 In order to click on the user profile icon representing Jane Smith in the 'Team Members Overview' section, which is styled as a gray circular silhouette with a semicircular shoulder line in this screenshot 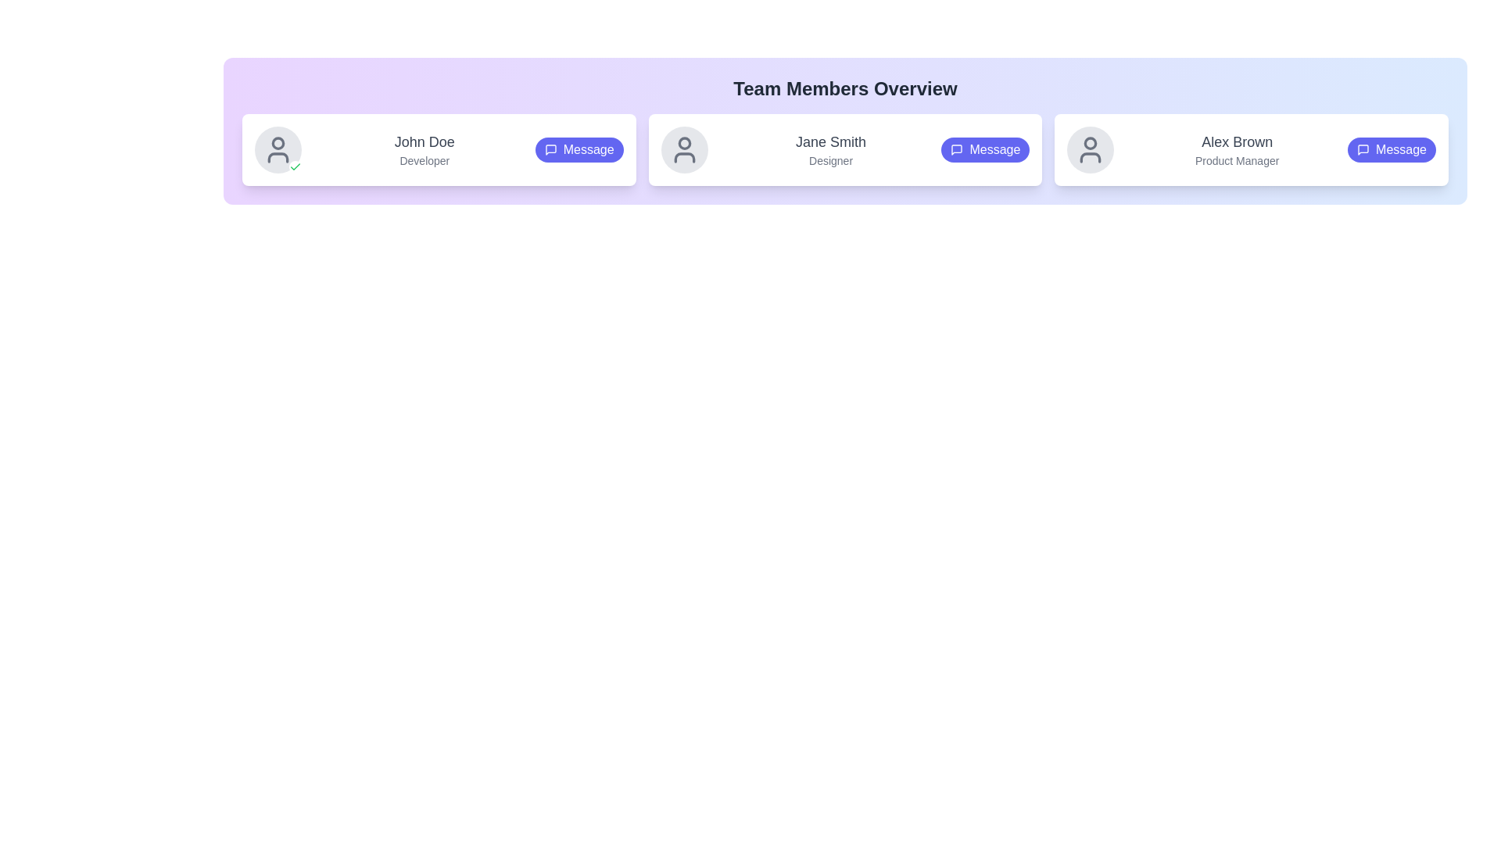, I will do `click(684, 150)`.